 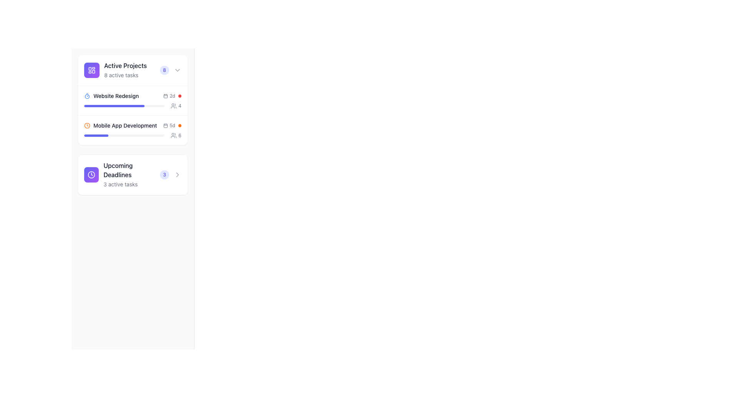 I want to click on the Chevron arrow icon located to the right of the badge displaying the number '8' in the 'Active Projects' section, so click(x=177, y=70).